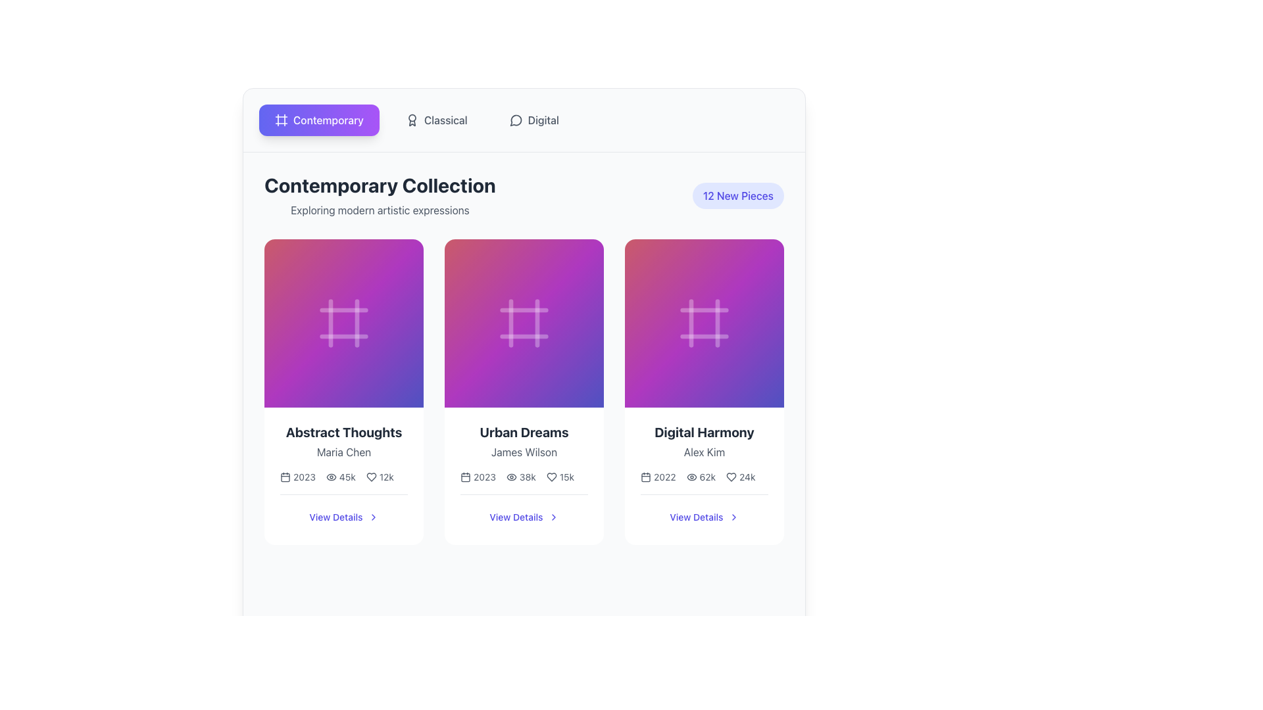 The image size is (1263, 710). What do you see at coordinates (319, 120) in the screenshot?
I see `the 'Contemporary' category selector button` at bounding box center [319, 120].